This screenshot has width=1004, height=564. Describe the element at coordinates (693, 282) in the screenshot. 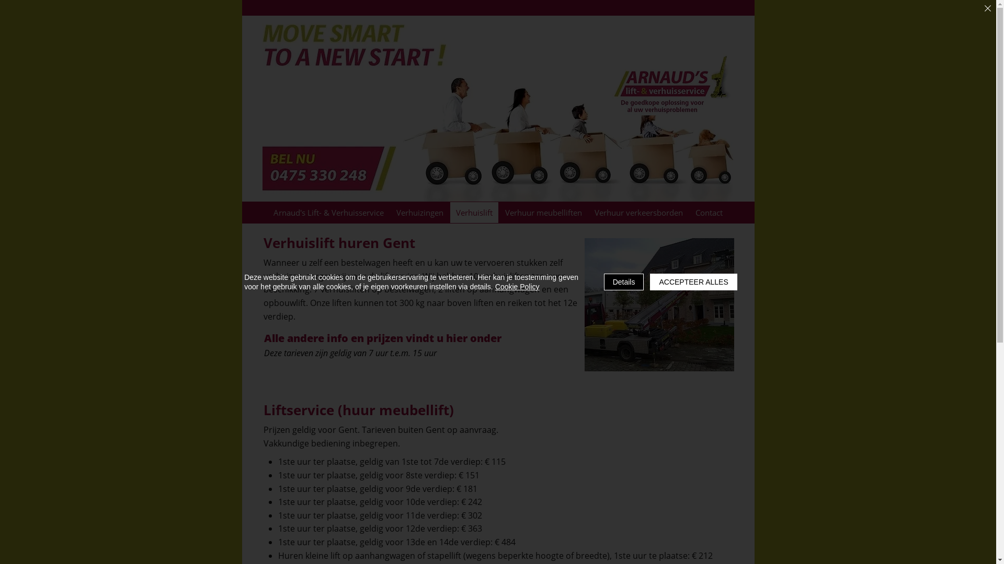

I see `'ACCEPTEER ALLES'` at that location.